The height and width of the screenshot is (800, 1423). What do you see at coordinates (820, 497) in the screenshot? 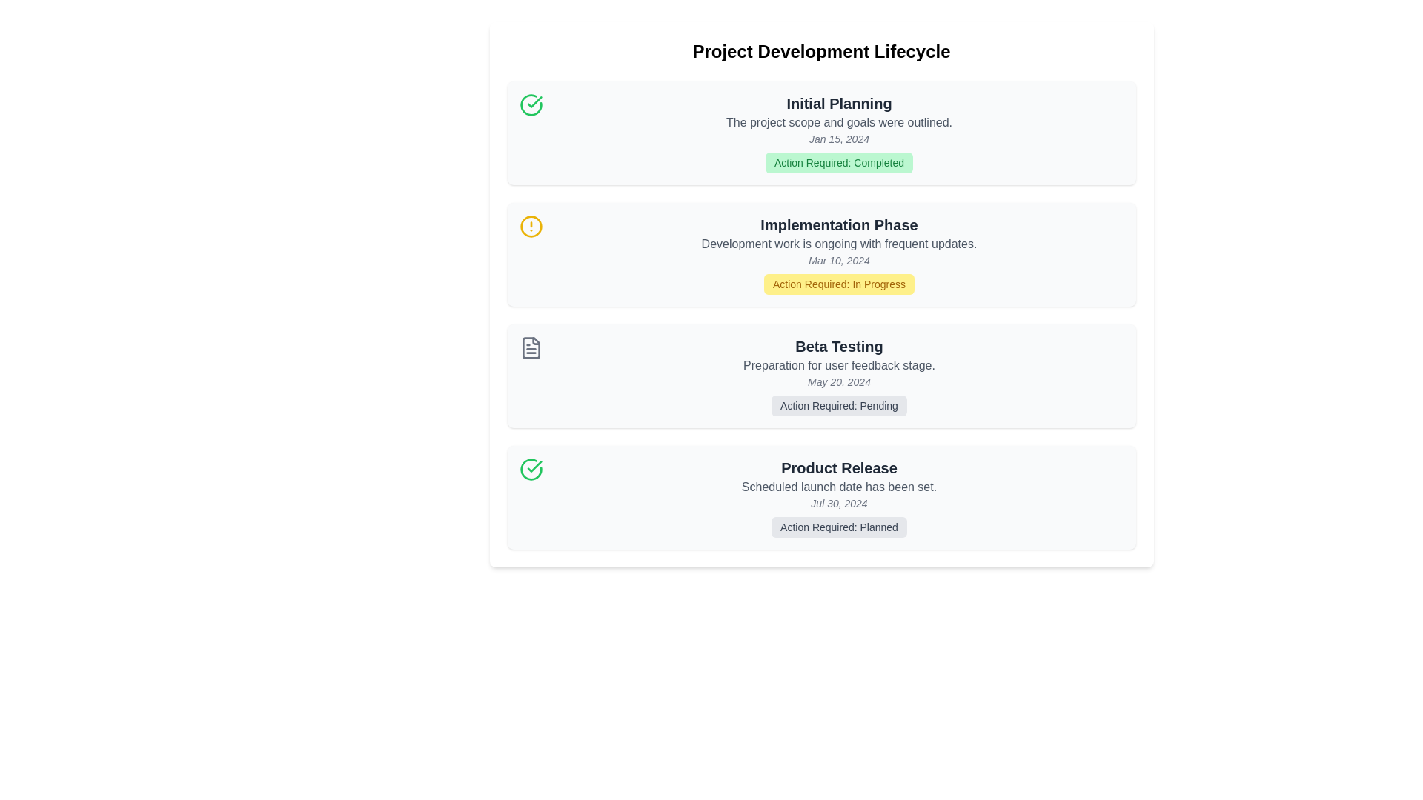
I see `the 'Product Release' informational display card for accessibility tools` at bounding box center [820, 497].